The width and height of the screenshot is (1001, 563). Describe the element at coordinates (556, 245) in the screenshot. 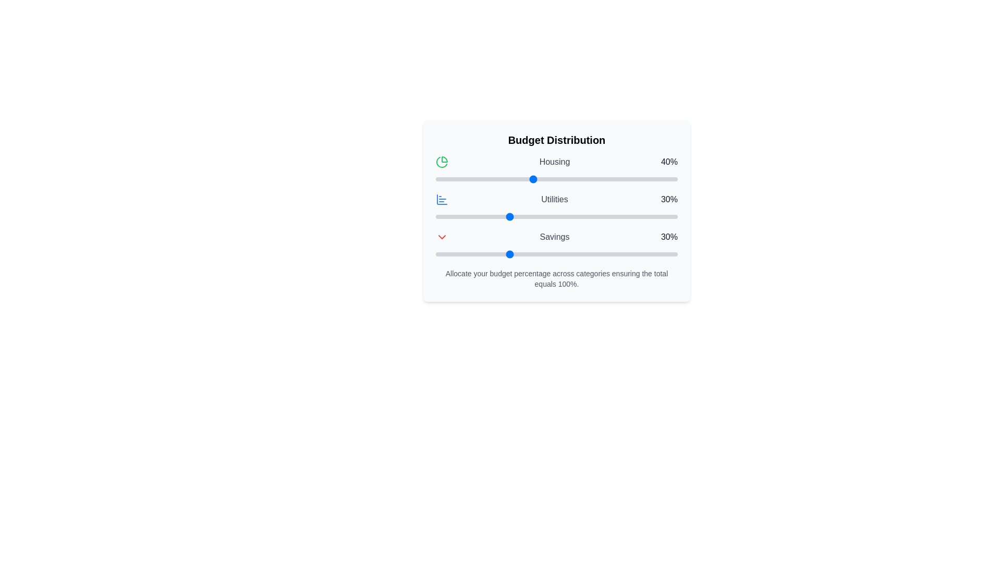

I see `the slider control labeled 'Savings' for keyboard adjustment. This slider is the third category listed under 'Budget Distribution', positioned between 'Utilities 30%' and the instructional text 'Allocate your budget...'` at that location.